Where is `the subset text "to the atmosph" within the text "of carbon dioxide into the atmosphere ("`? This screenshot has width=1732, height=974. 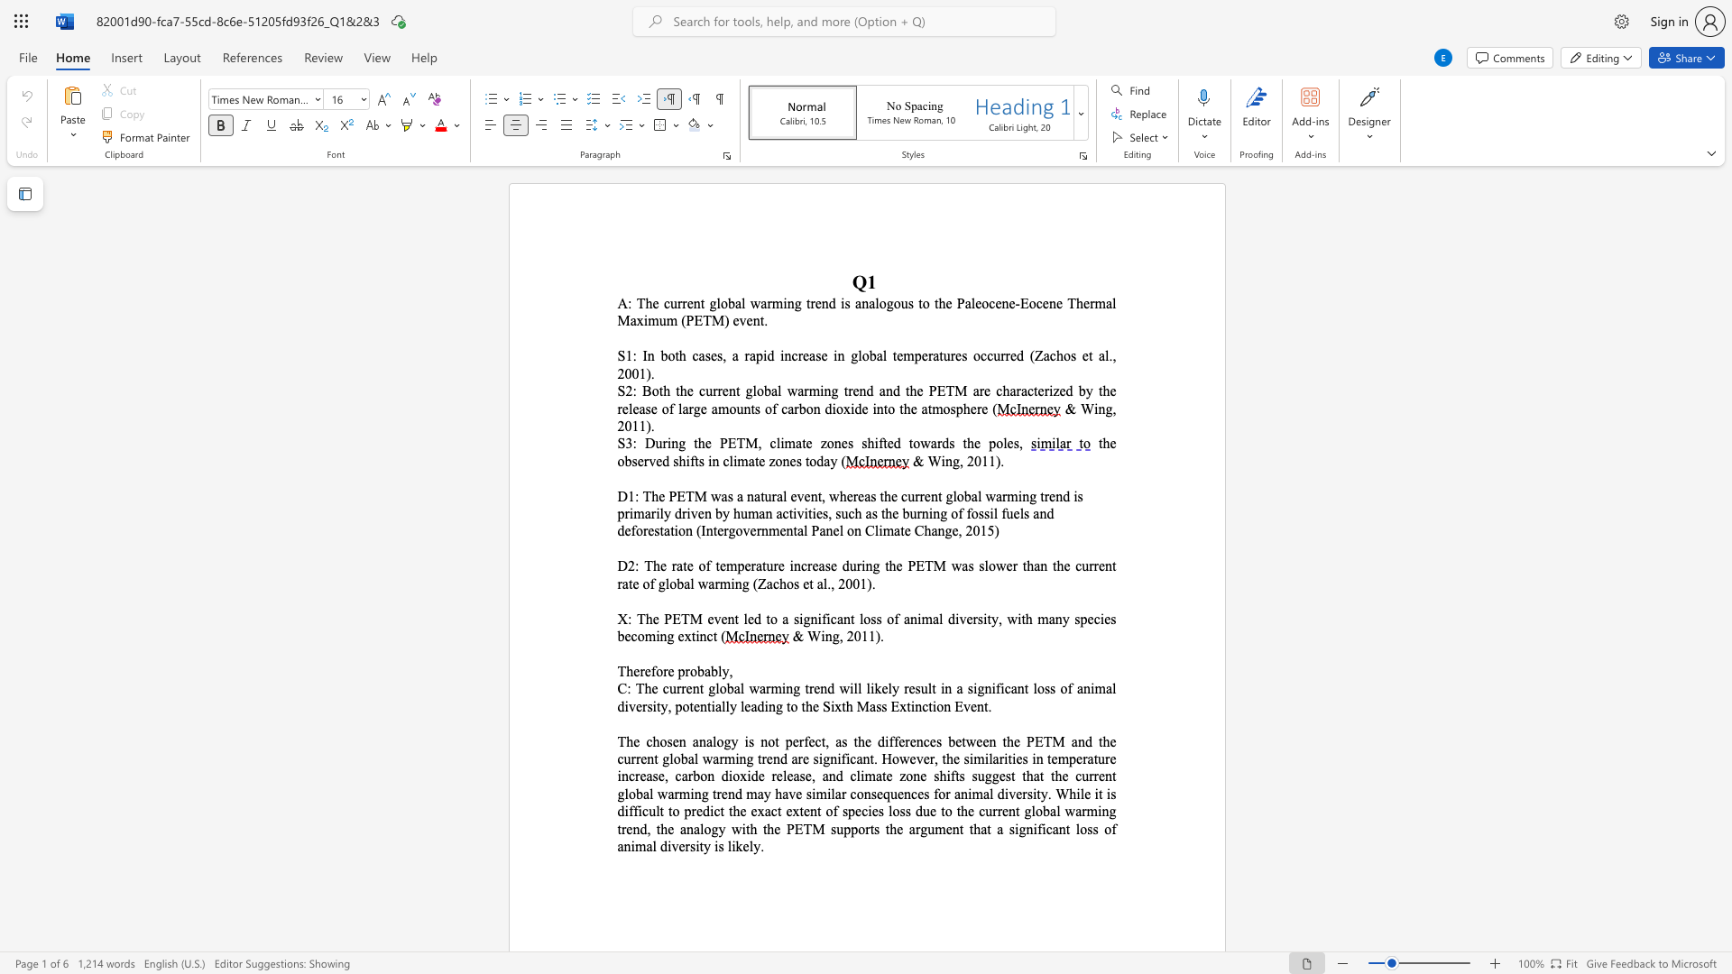 the subset text "to the atmosph" within the text "of carbon dioxide into the atmosphere (" is located at coordinates (883, 409).